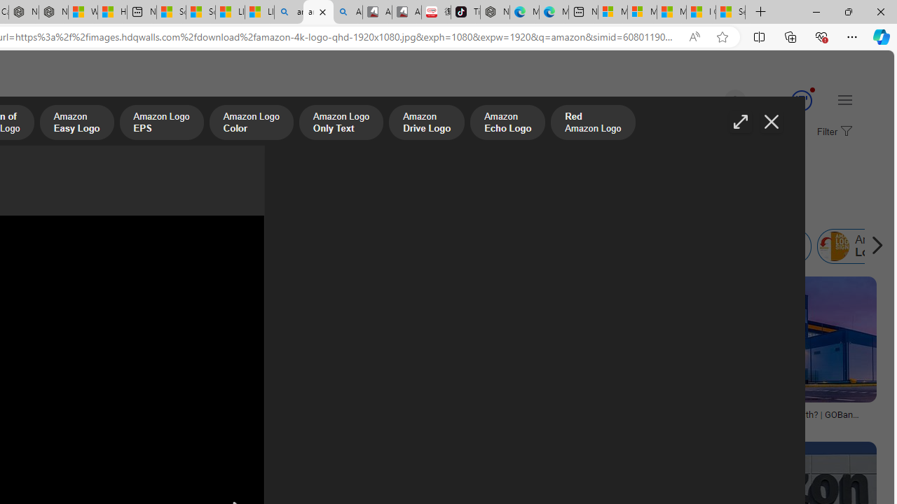 This screenshot has width=897, height=504. Describe the element at coordinates (112, 12) in the screenshot. I see `'Huge shark washes ashore at New York City beach | Watch'` at that location.